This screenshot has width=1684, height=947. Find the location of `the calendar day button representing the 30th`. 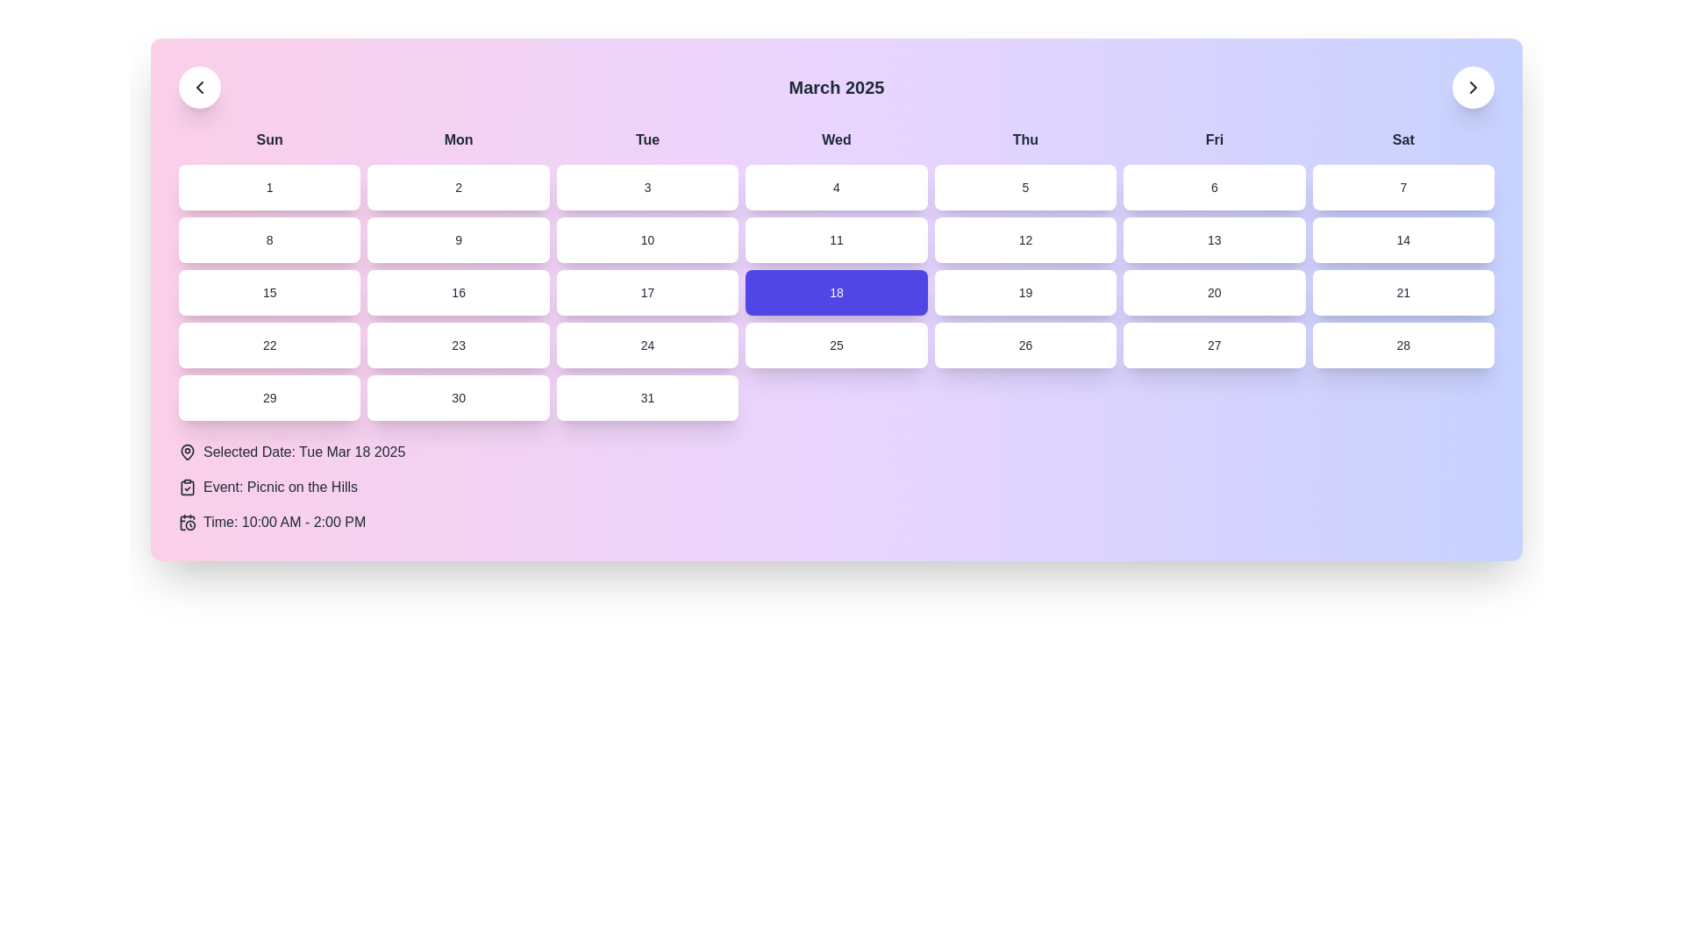

the calendar day button representing the 30th is located at coordinates (459, 398).